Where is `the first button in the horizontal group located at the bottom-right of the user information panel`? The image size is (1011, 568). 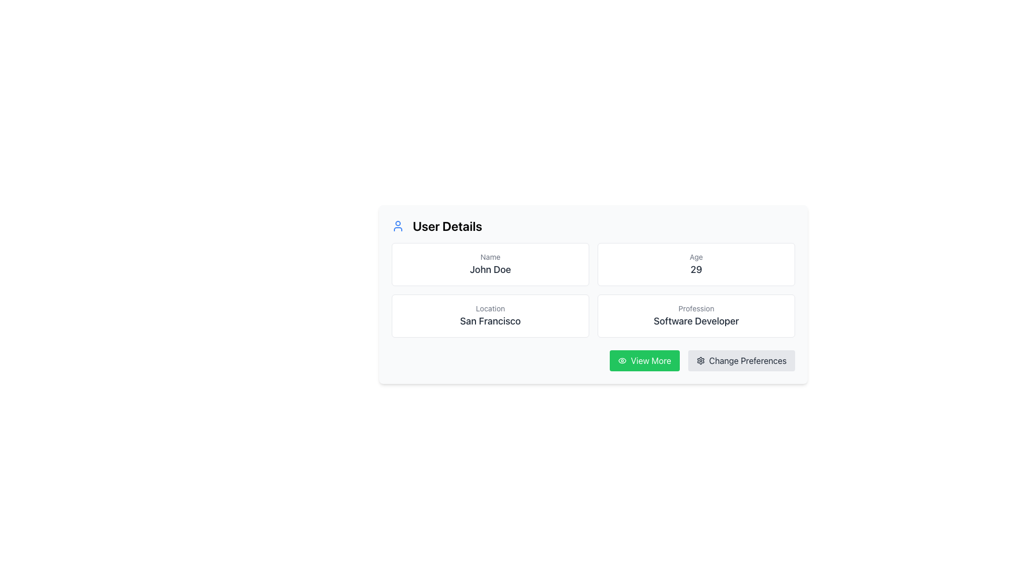 the first button in the horizontal group located at the bottom-right of the user information panel is located at coordinates (644, 360).